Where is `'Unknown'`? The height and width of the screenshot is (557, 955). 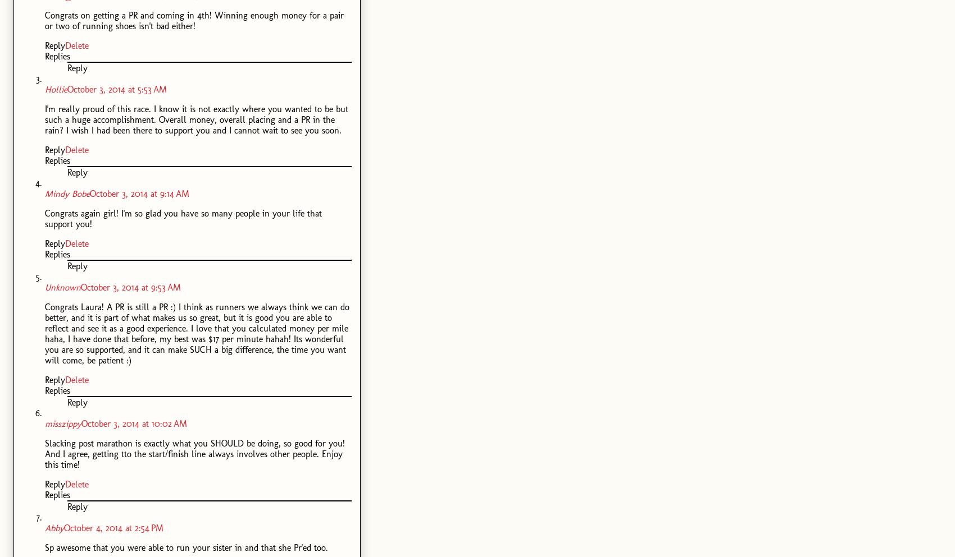 'Unknown' is located at coordinates (45, 287).